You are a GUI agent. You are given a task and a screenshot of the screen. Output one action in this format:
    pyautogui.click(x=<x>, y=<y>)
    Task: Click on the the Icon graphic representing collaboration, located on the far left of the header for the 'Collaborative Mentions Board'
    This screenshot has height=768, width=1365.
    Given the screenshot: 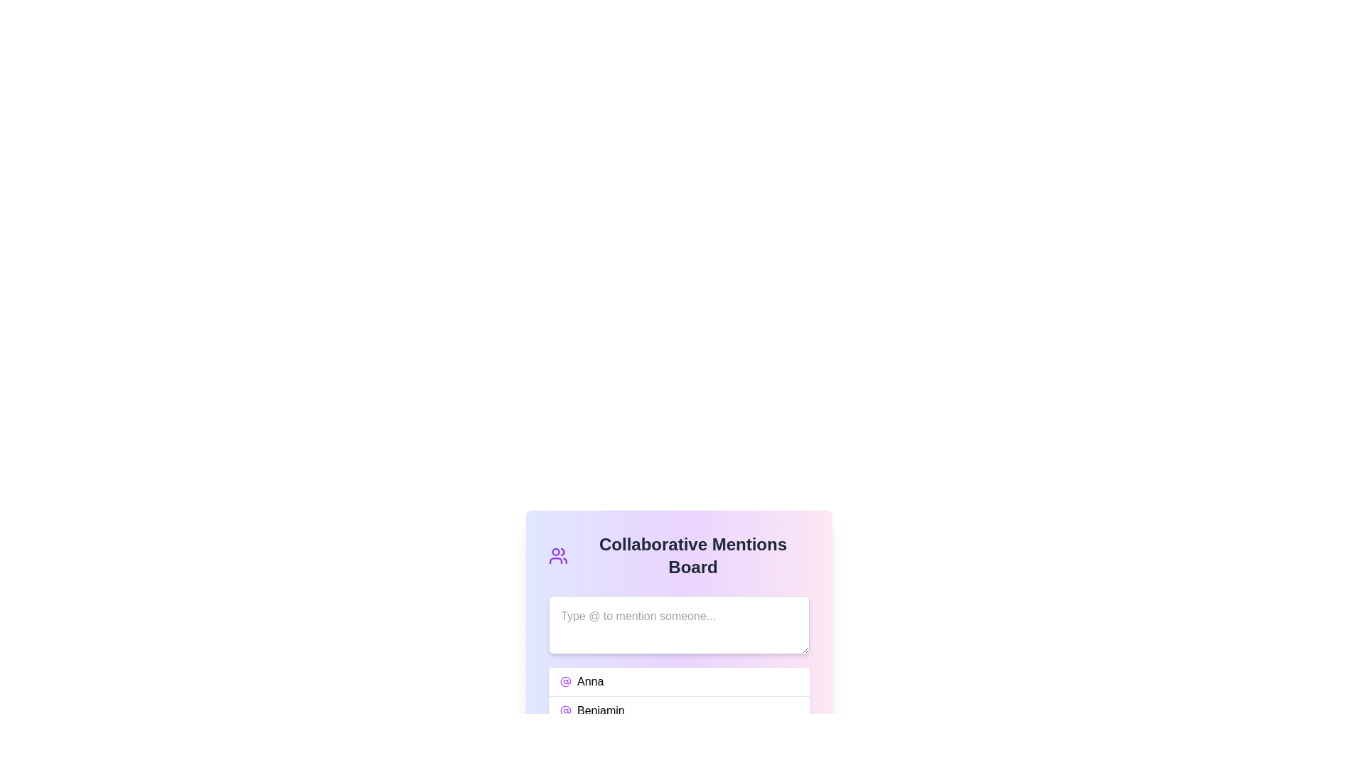 What is the action you would take?
    pyautogui.click(x=557, y=555)
    